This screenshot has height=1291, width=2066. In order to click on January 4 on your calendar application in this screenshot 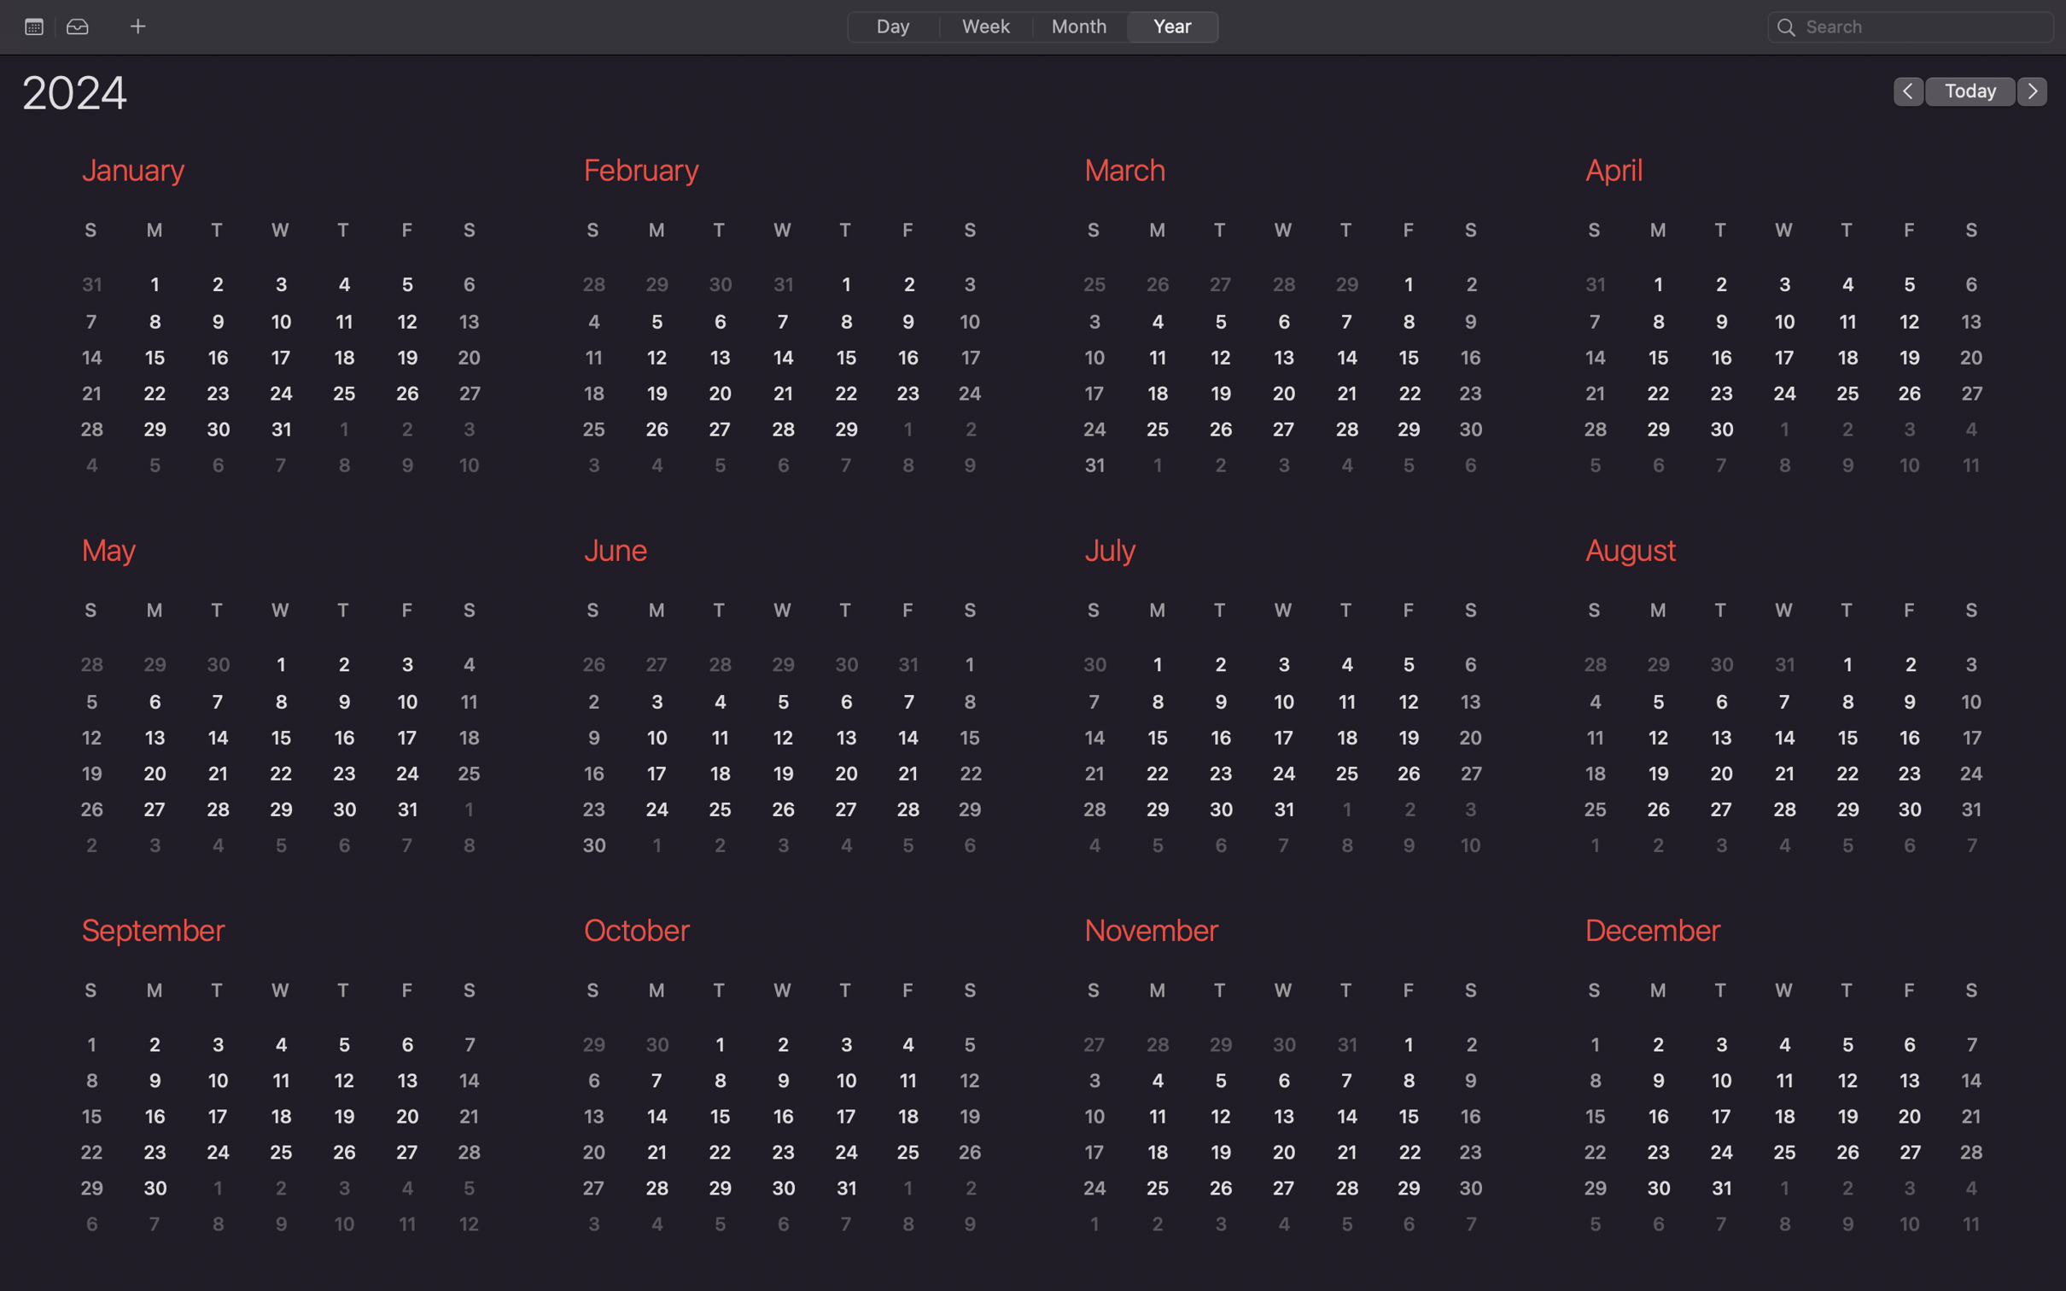, I will do `click(343, 284)`.